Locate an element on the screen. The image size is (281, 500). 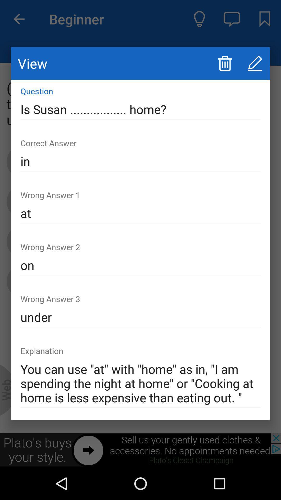
write button is located at coordinates (255, 63).